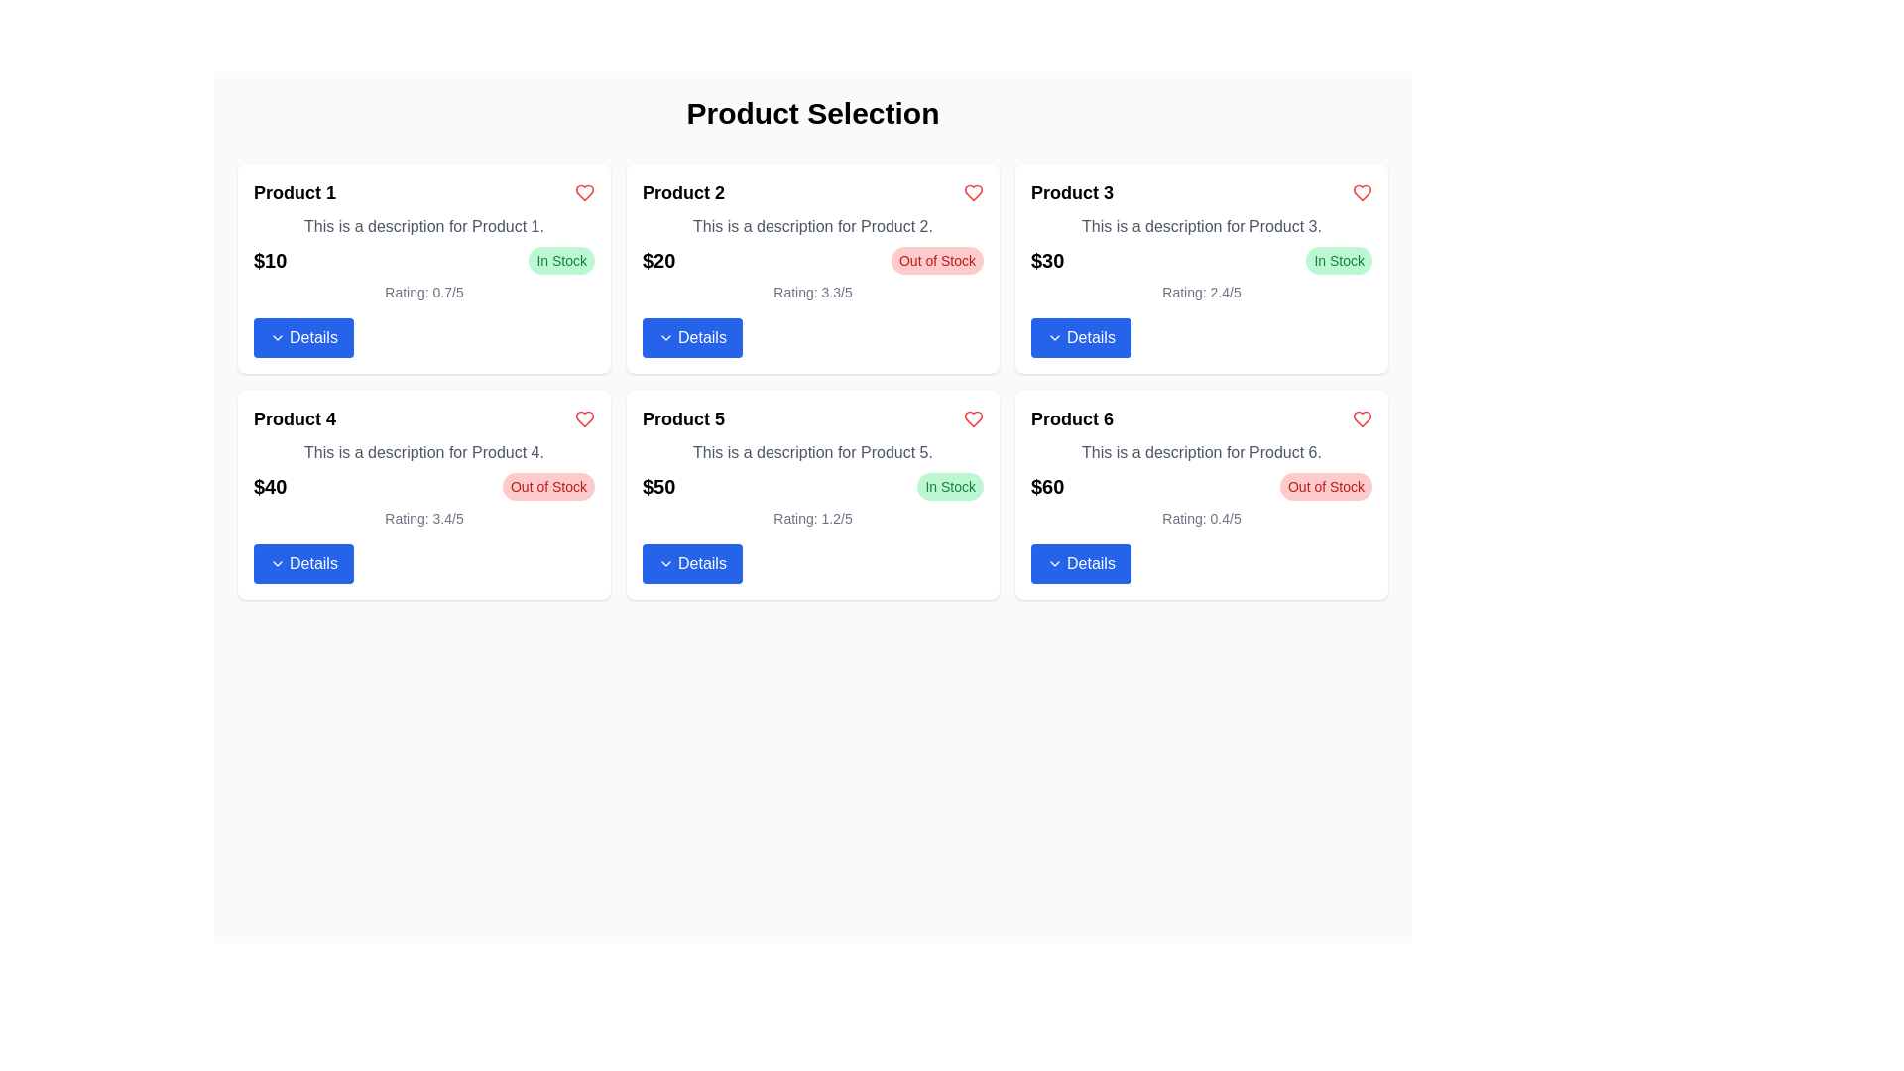 The height and width of the screenshot is (1071, 1904). I want to click on the text label displaying the product's rating, which reads 'Rating: 0.4/5', positioned above the blue 'Details' button and below the red 'Out of Stock' label for 'Product 6', so click(1200, 518).